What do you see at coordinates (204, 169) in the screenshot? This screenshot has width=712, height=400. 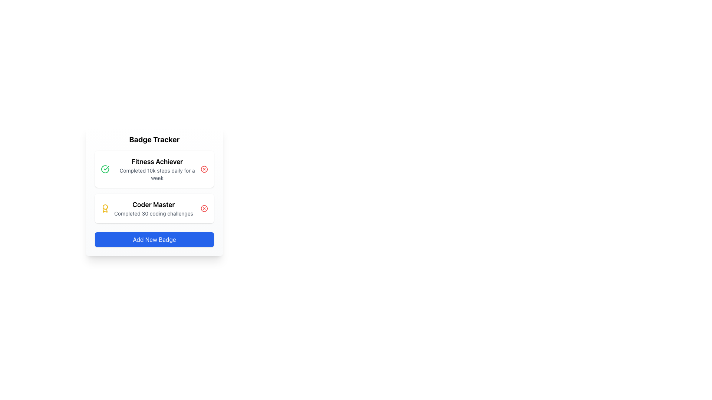 I see `the button located at the right end of the 'Fitness Achiever' list item` at bounding box center [204, 169].